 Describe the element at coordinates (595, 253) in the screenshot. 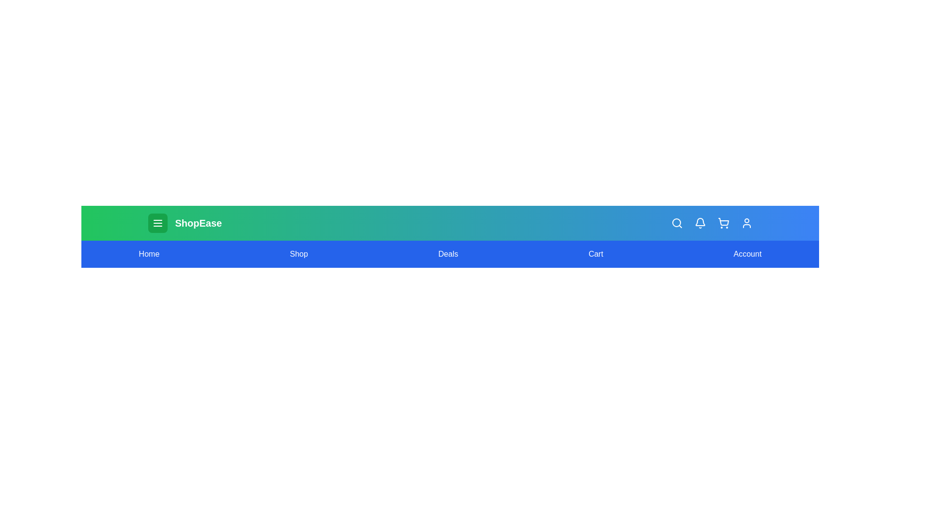

I see `the Cart navigation link to navigate to the corresponding section` at that location.